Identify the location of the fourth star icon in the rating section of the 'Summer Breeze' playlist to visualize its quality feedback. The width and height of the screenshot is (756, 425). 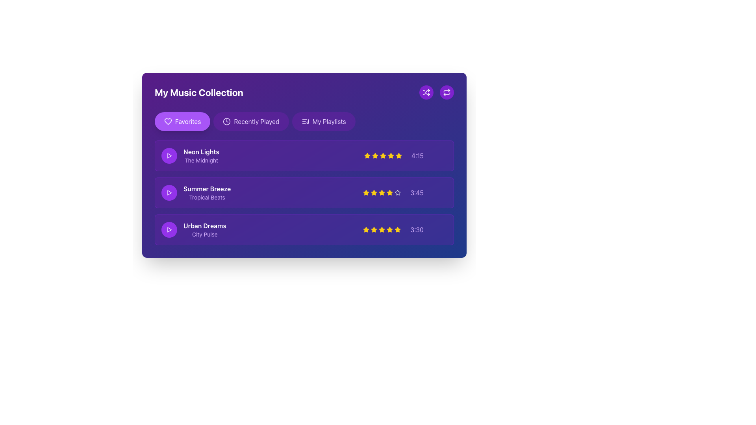
(382, 192).